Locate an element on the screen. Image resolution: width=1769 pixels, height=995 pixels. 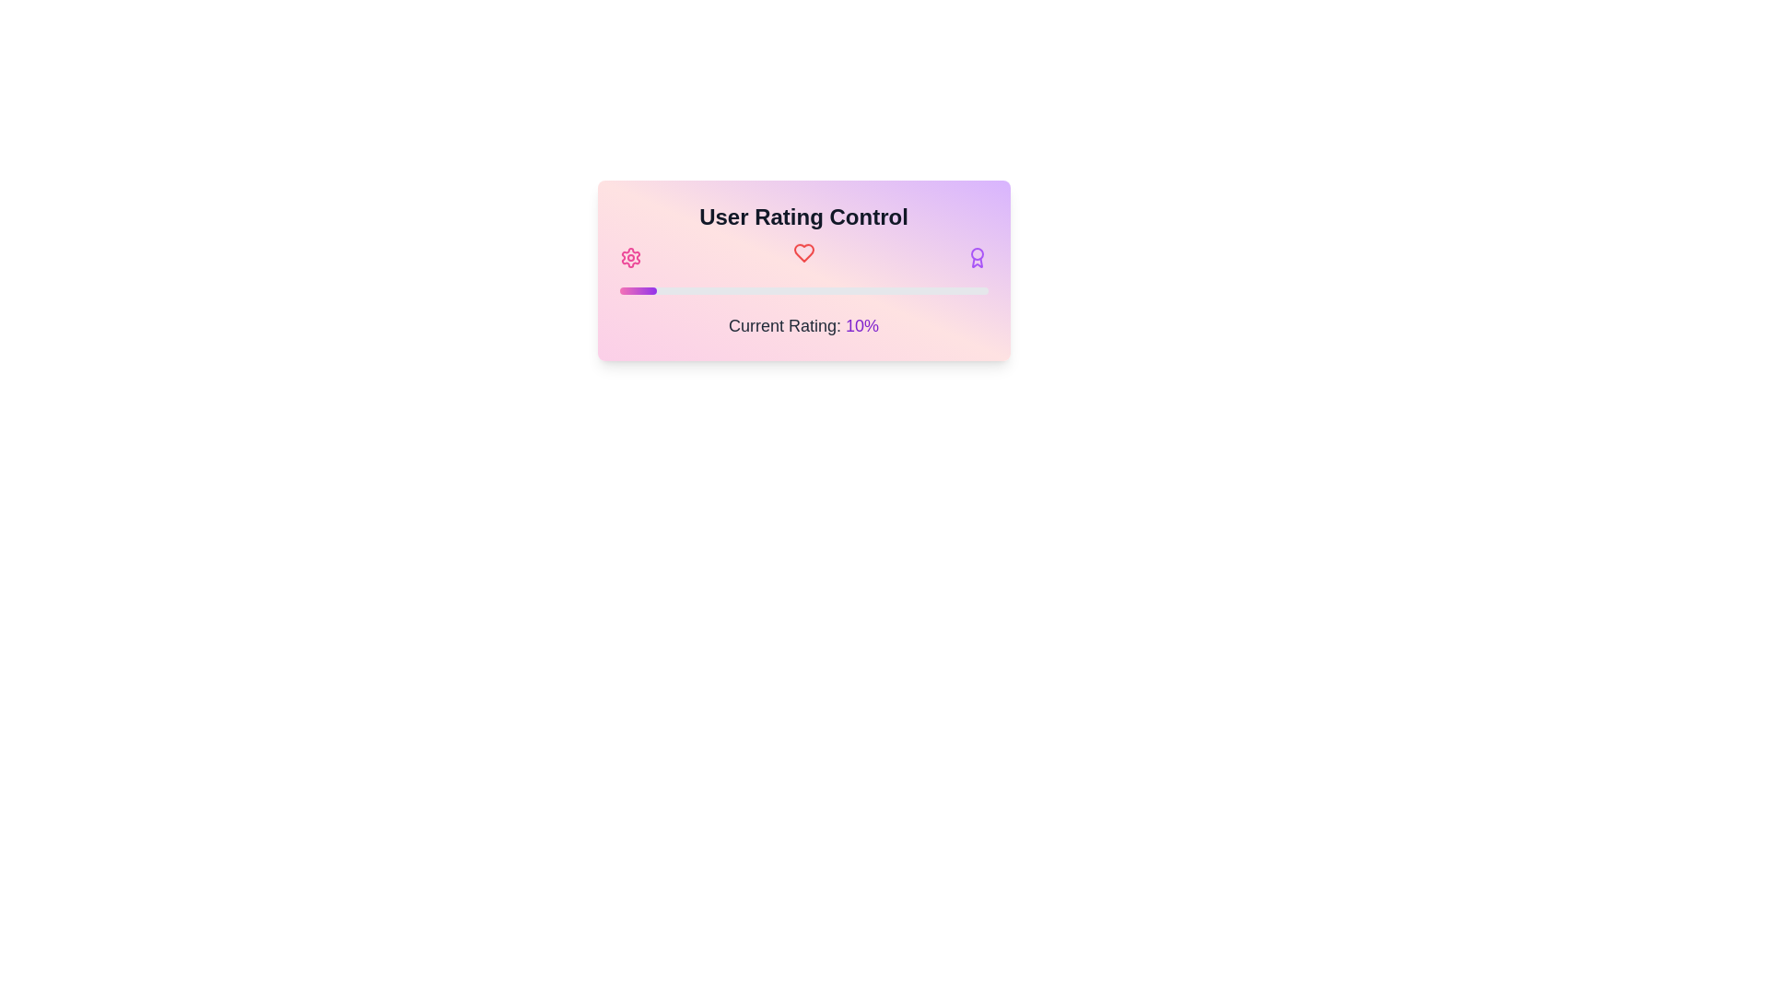
the cogwheel icon representing settings, located at the top-left corner of the 'User Rating Control' section is located at coordinates (630, 258).